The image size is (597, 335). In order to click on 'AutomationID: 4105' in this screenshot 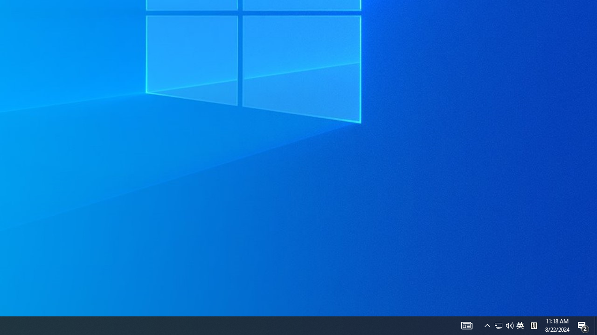, I will do `click(487, 325)`.